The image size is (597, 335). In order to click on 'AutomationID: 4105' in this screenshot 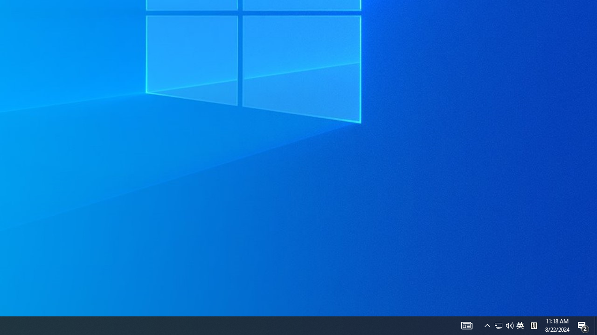, I will do `click(487, 325)`.